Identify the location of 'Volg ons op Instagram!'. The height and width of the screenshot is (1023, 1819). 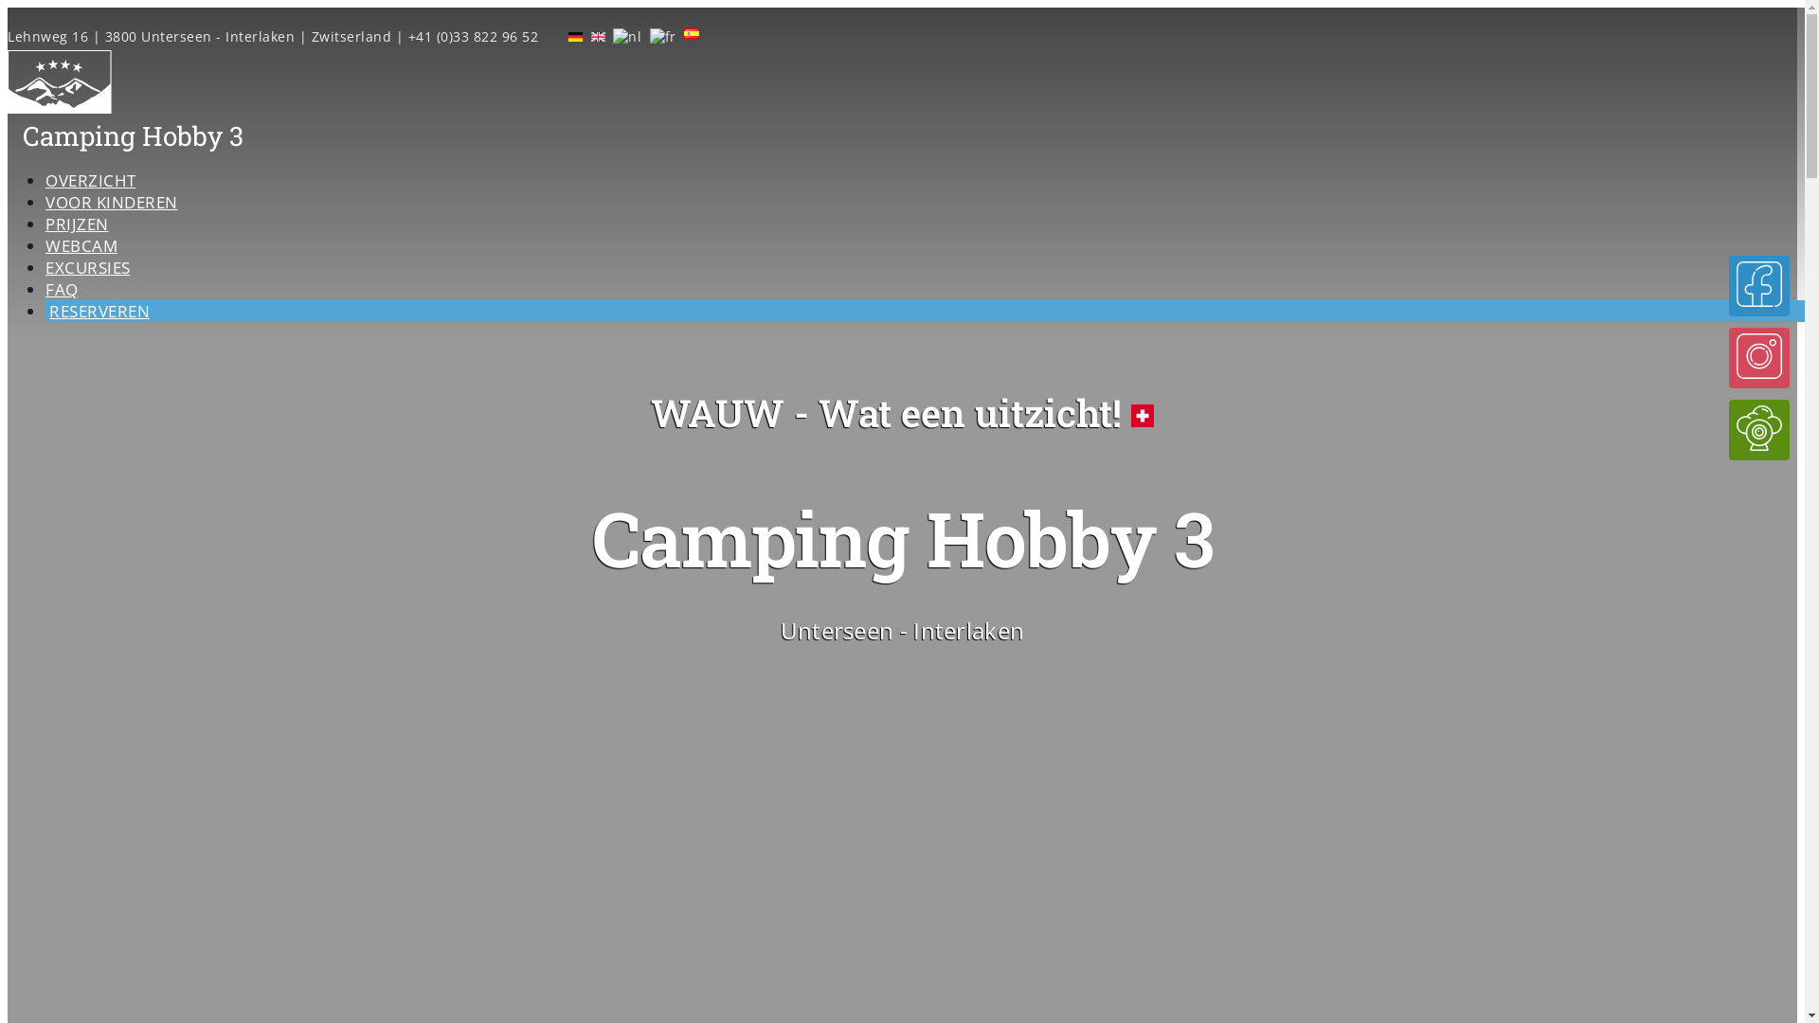
(1758, 358).